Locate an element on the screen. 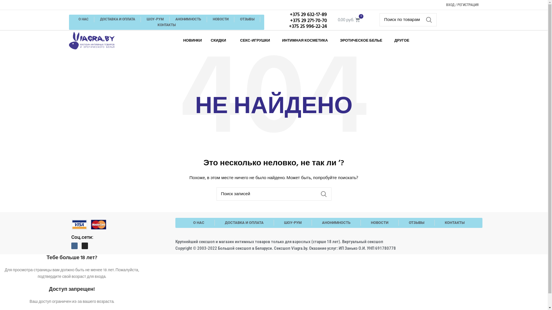 Image resolution: width=552 pixels, height=310 pixels. '+375 29 632-17-89' is located at coordinates (295, 14).